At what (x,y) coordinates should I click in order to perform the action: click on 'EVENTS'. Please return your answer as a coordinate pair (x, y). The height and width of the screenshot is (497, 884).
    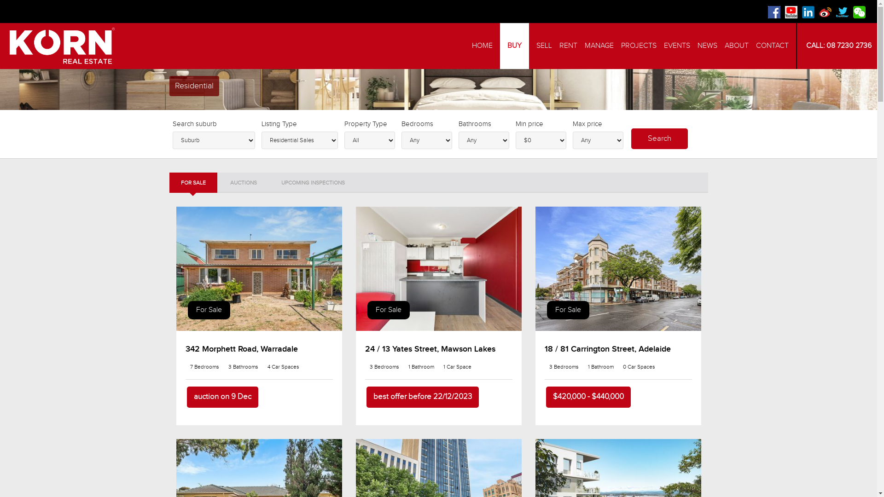
    Looking at the image, I should click on (663, 46).